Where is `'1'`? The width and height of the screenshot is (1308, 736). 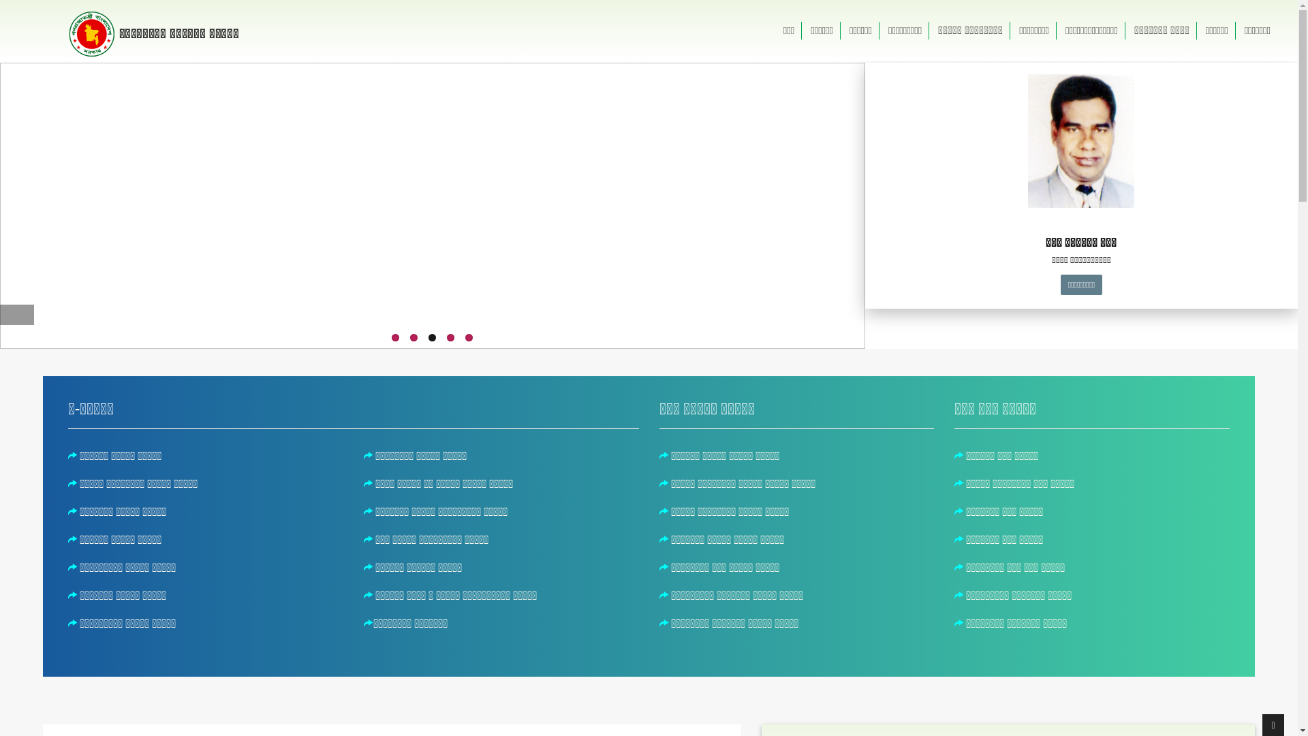 '1' is located at coordinates (394, 337).